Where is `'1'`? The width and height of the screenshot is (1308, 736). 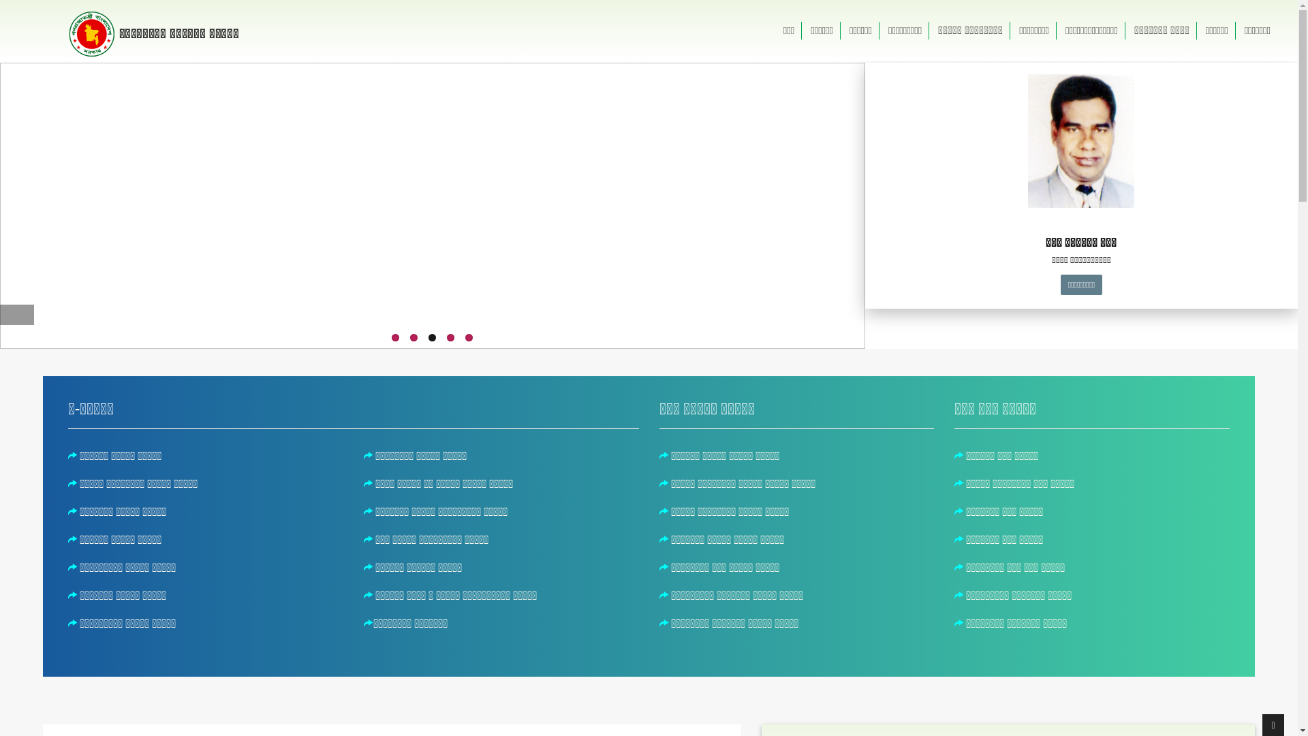 '1' is located at coordinates (394, 337).